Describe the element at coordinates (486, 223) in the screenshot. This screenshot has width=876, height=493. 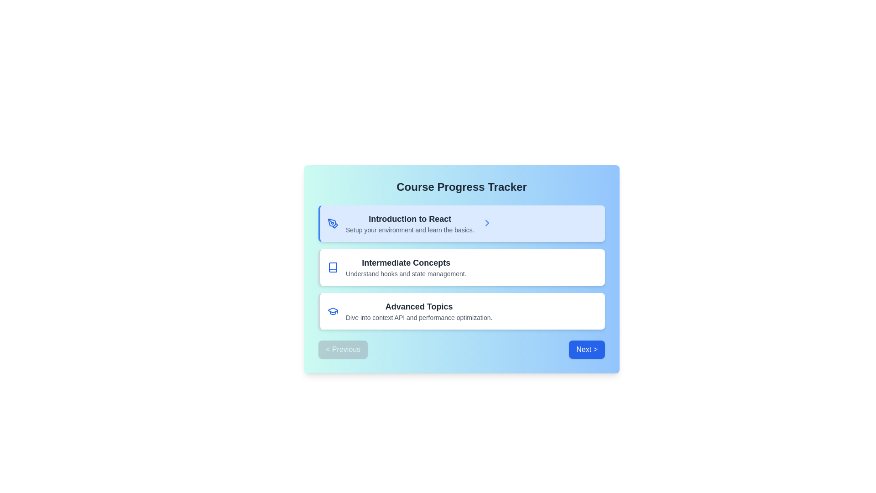
I see `the chevron icon at the right end of the row containing the 'Introduction to React' title` at that location.